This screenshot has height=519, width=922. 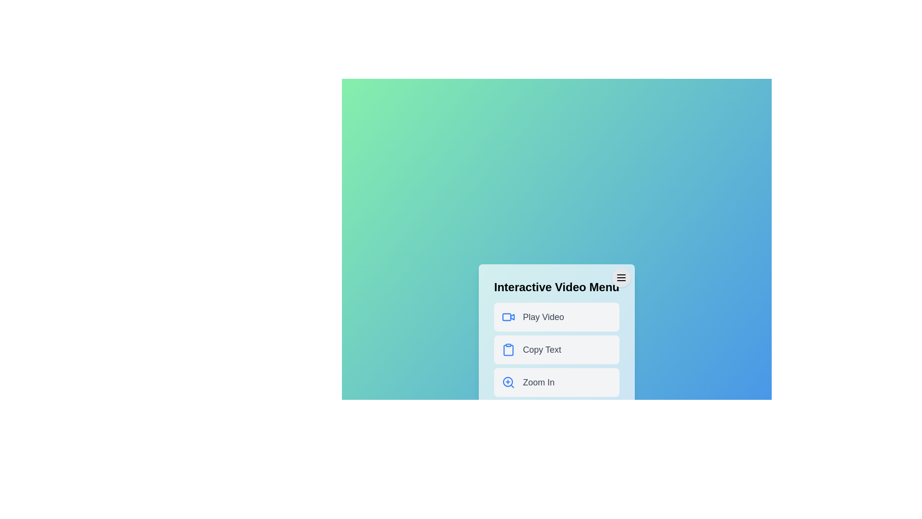 What do you see at coordinates (557, 317) in the screenshot?
I see `the 'Play Video' option in the menu` at bounding box center [557, 317].